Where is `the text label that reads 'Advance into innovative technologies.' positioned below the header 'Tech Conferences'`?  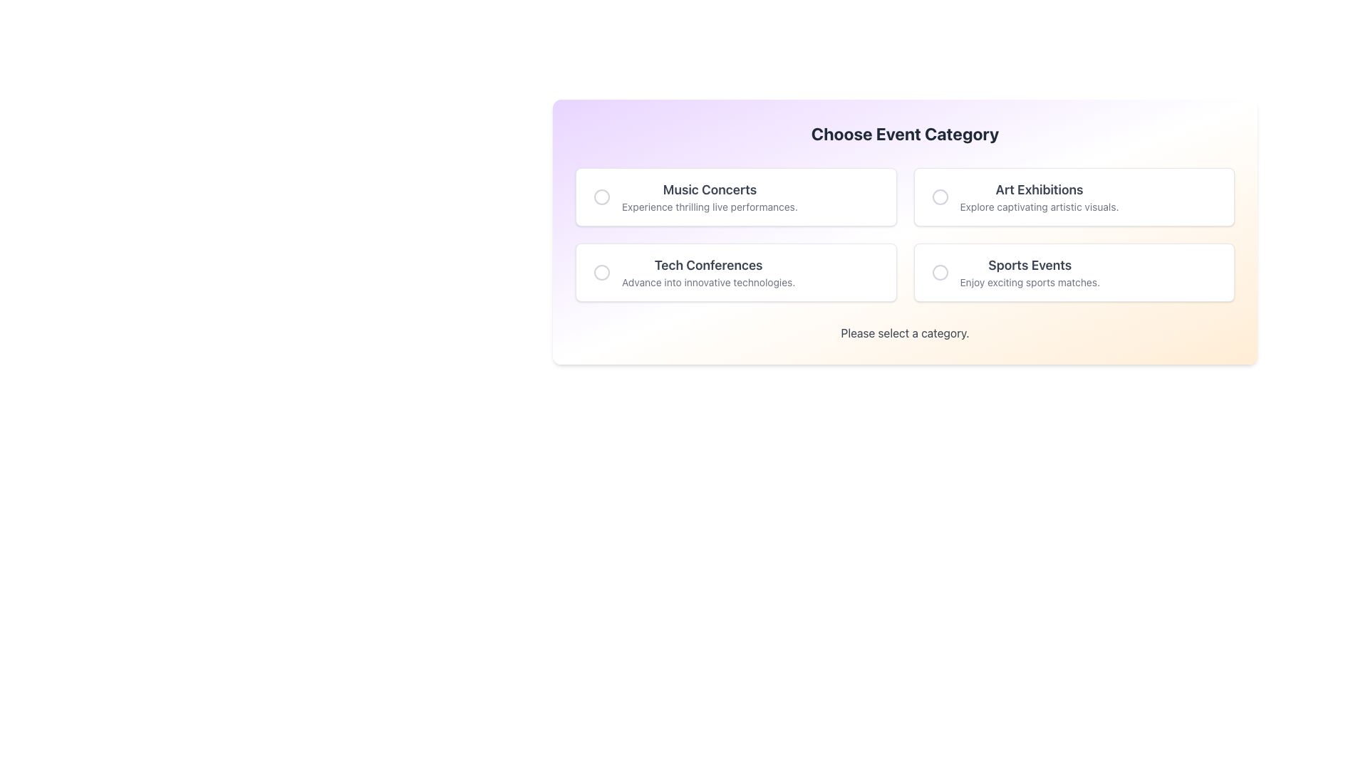 the text label that reads 'Advance into innovative technologies.' positioned below the header 'Tech Conferences' is located at coordinates (708, 283).